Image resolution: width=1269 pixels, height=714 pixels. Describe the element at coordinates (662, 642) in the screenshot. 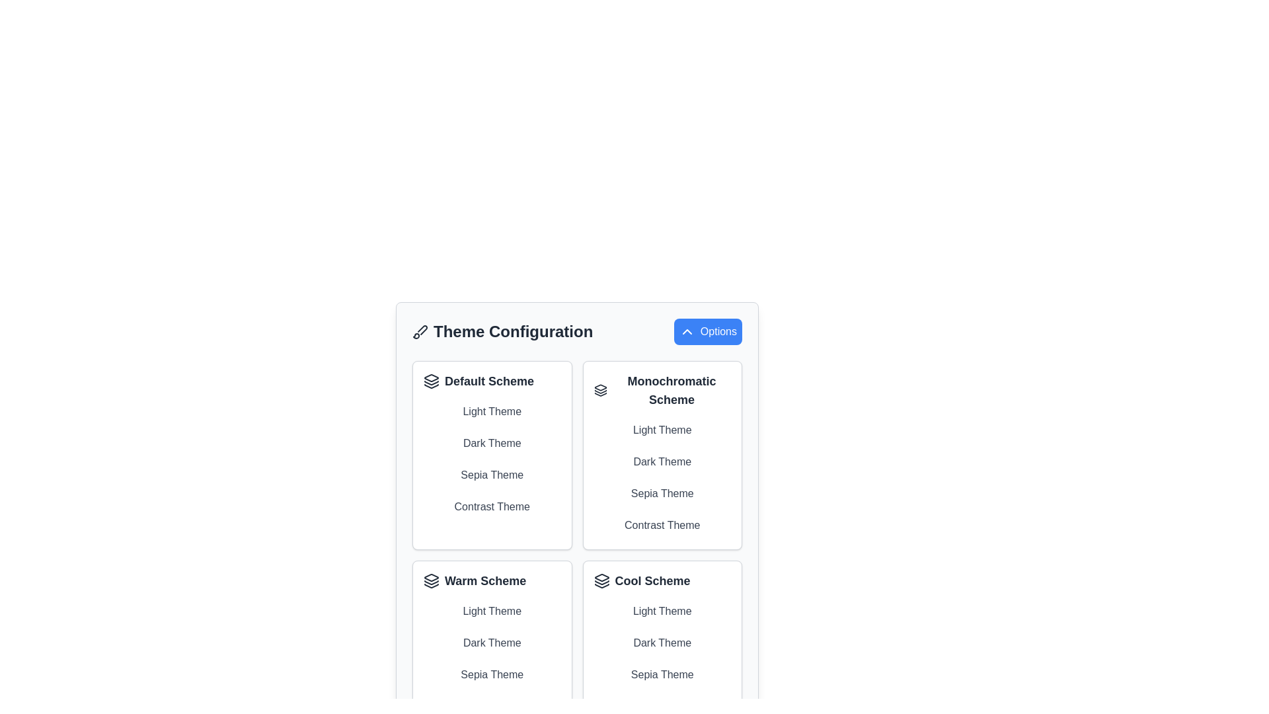

I see `the 'Dark Theme' selectable text option in the 'Theme Configuration' menu` at that location.